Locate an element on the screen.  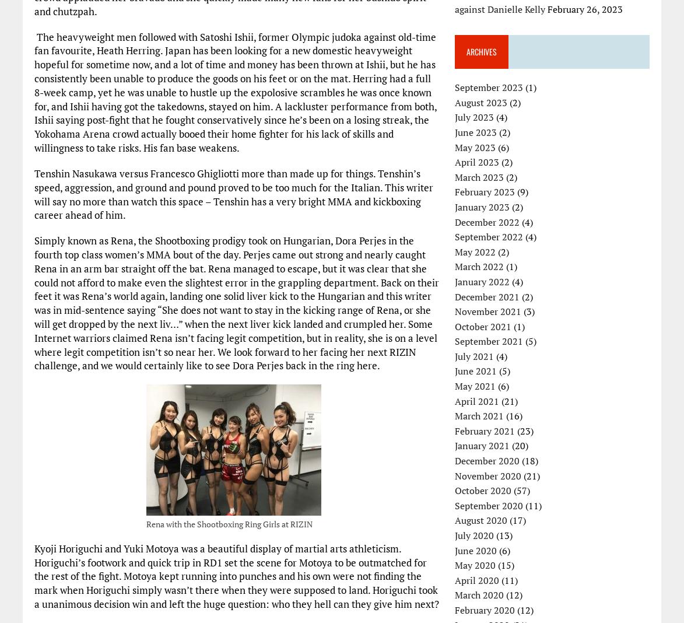
'May 2023' is located at coordinates (475, 147).